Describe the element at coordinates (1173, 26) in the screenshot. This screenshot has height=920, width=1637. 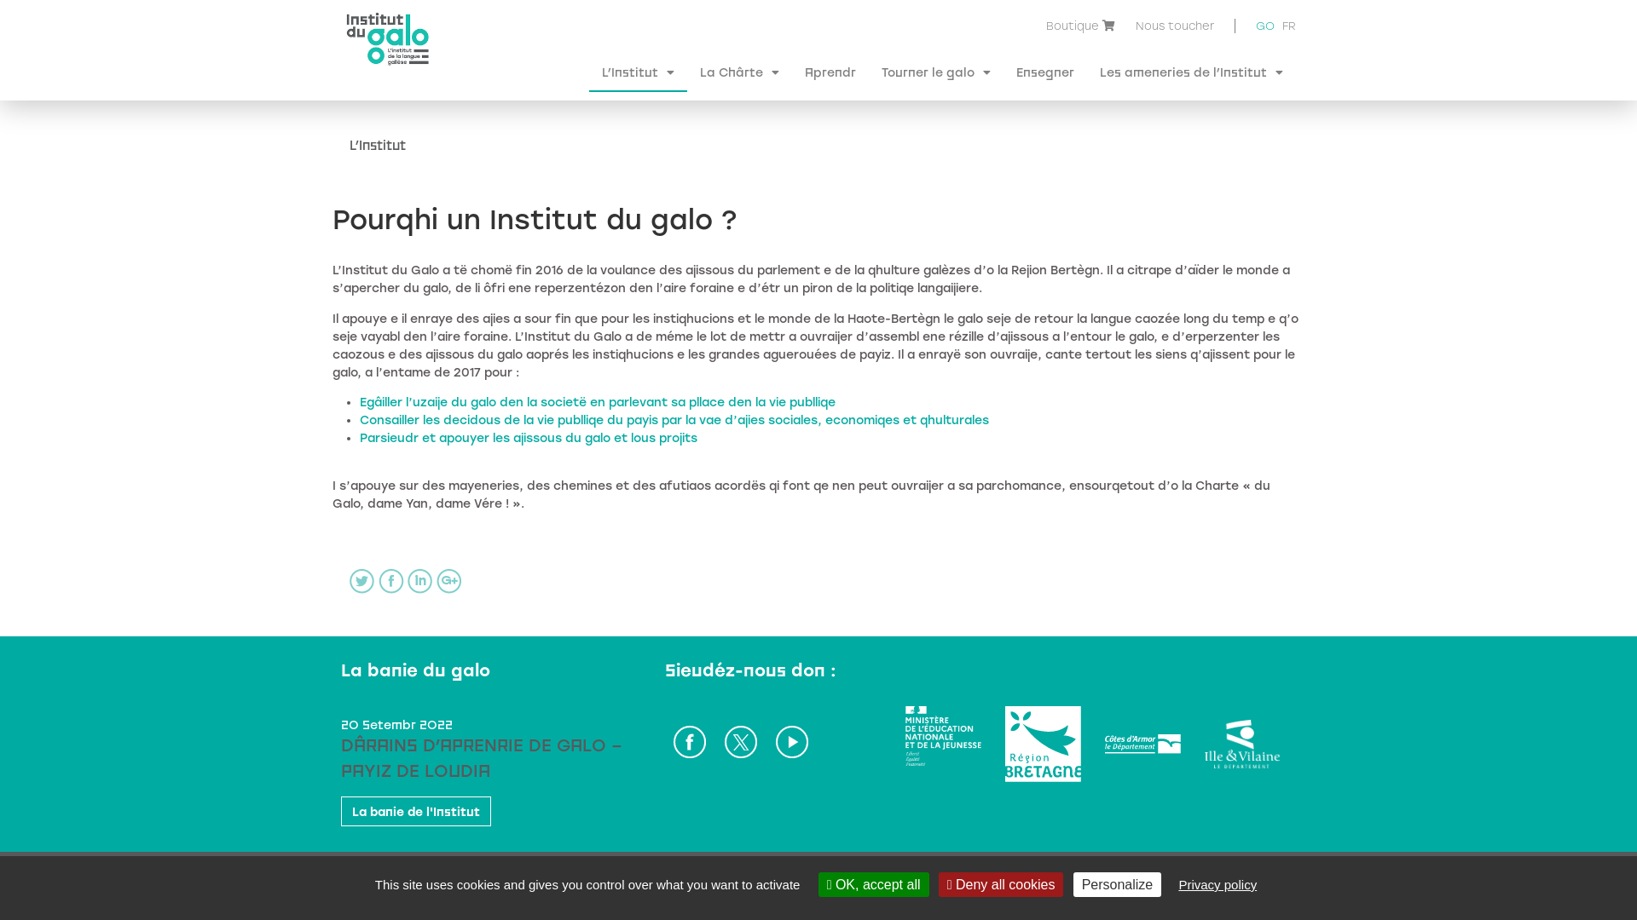
I see `'Nous toucher'` at that location.